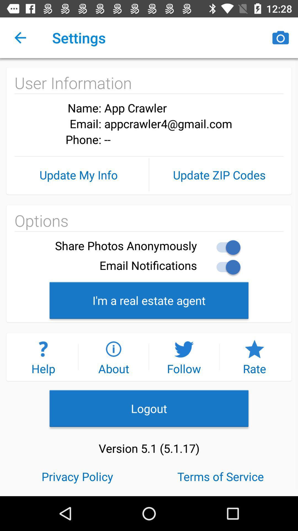 This screenshot has width=298, height=531. What do you see at coordinates (113, 357) in the screenshot?
I see `item above the logout icon` at bounding box center [113, 357].